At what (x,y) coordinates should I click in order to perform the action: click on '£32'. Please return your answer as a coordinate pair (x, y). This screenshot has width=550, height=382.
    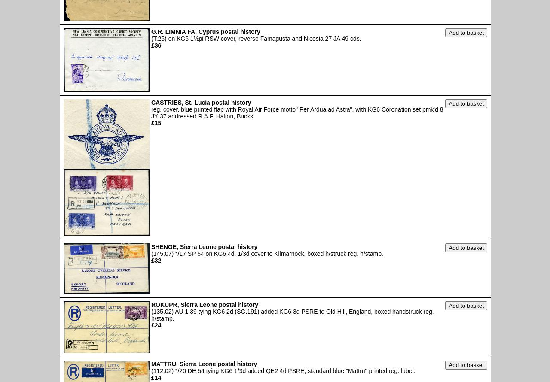
    Looking at the image, I should click on (156, 260).